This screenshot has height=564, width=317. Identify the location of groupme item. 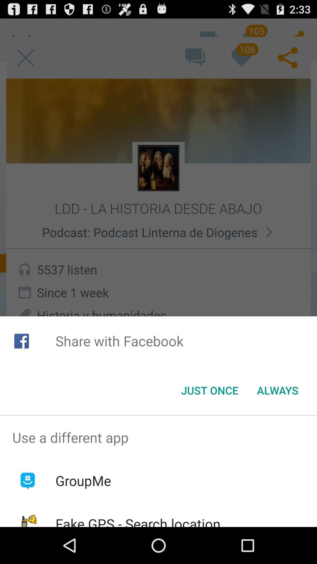
(83, 481).